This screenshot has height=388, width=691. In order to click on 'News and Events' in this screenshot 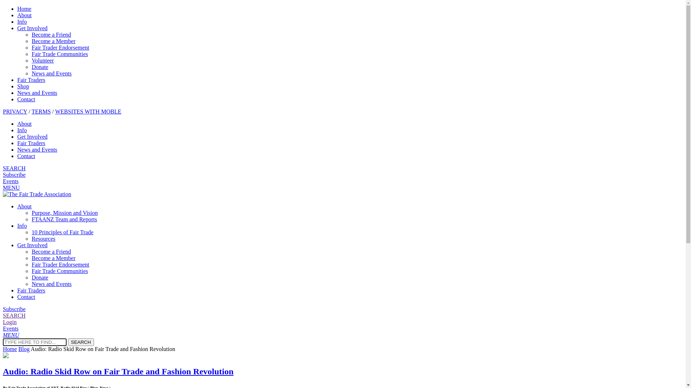, I will do `click(51, 73)`.